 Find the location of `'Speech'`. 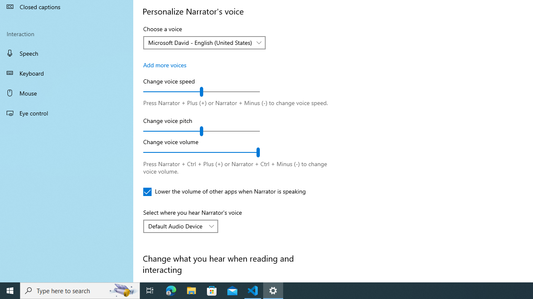

'Speech' is located at coordinates (67, 53).